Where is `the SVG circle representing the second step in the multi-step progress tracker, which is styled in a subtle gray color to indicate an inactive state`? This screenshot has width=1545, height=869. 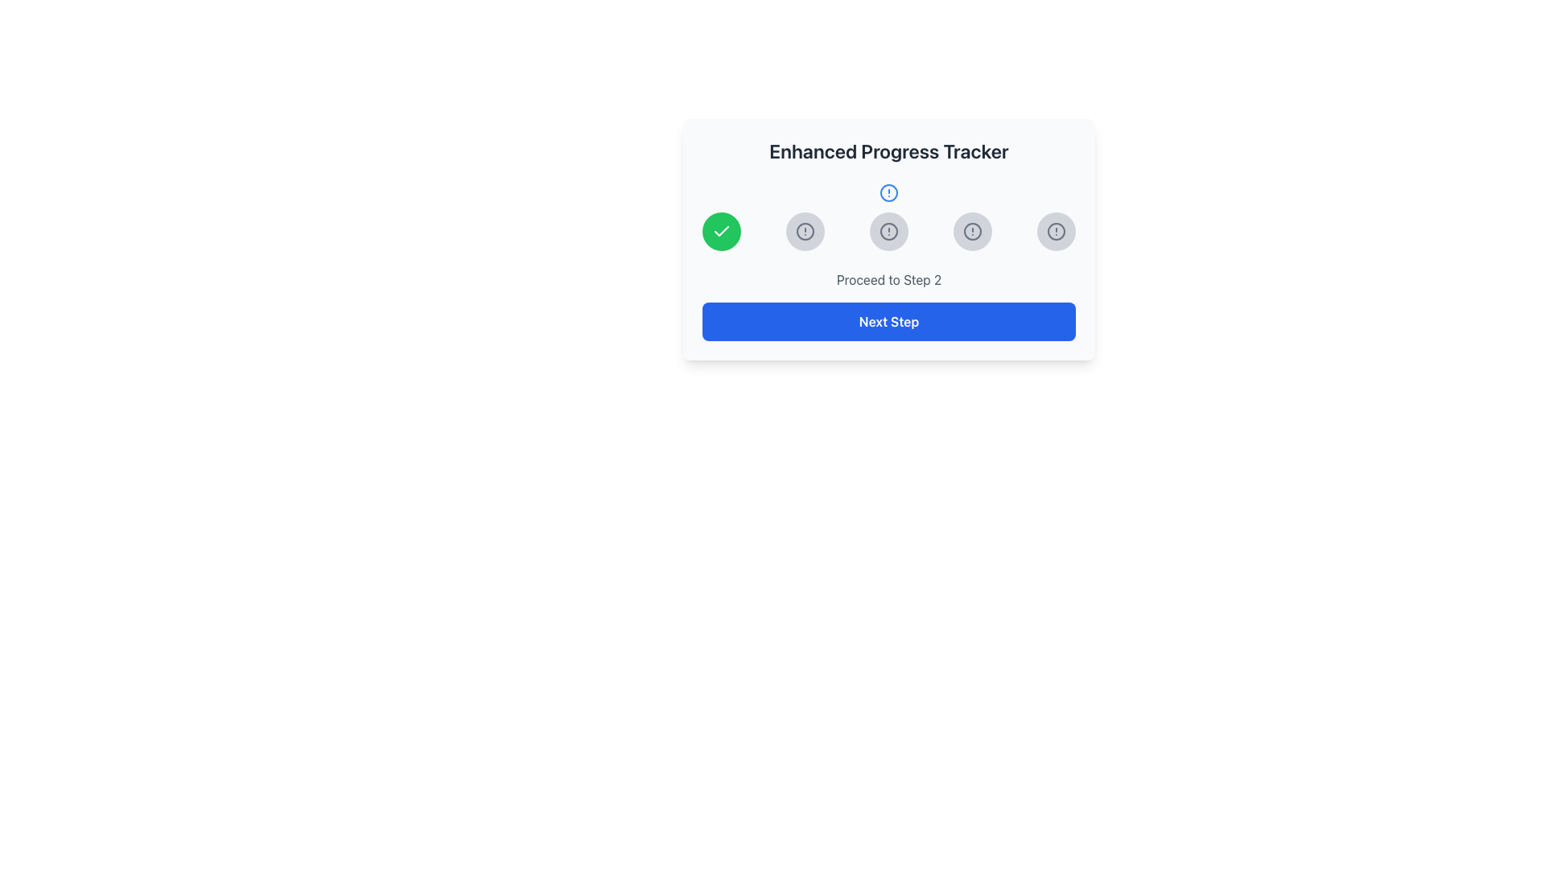 the SVG circle representing the second step in the multi-step progress tracker, which is styled in a subtle gray color to indicate an inactive state is located at coordinates (888, 232).